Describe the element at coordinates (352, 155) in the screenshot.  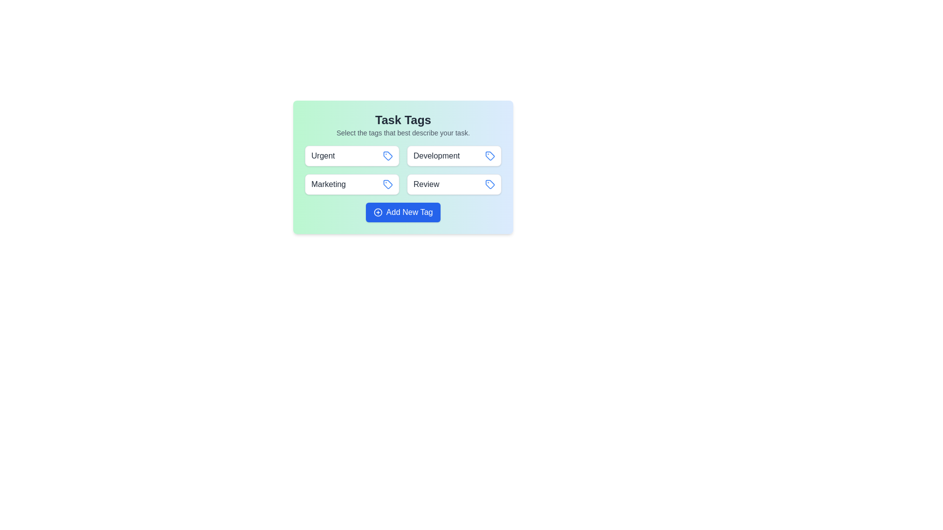
I see `the tag labeled Urgent` at that location.